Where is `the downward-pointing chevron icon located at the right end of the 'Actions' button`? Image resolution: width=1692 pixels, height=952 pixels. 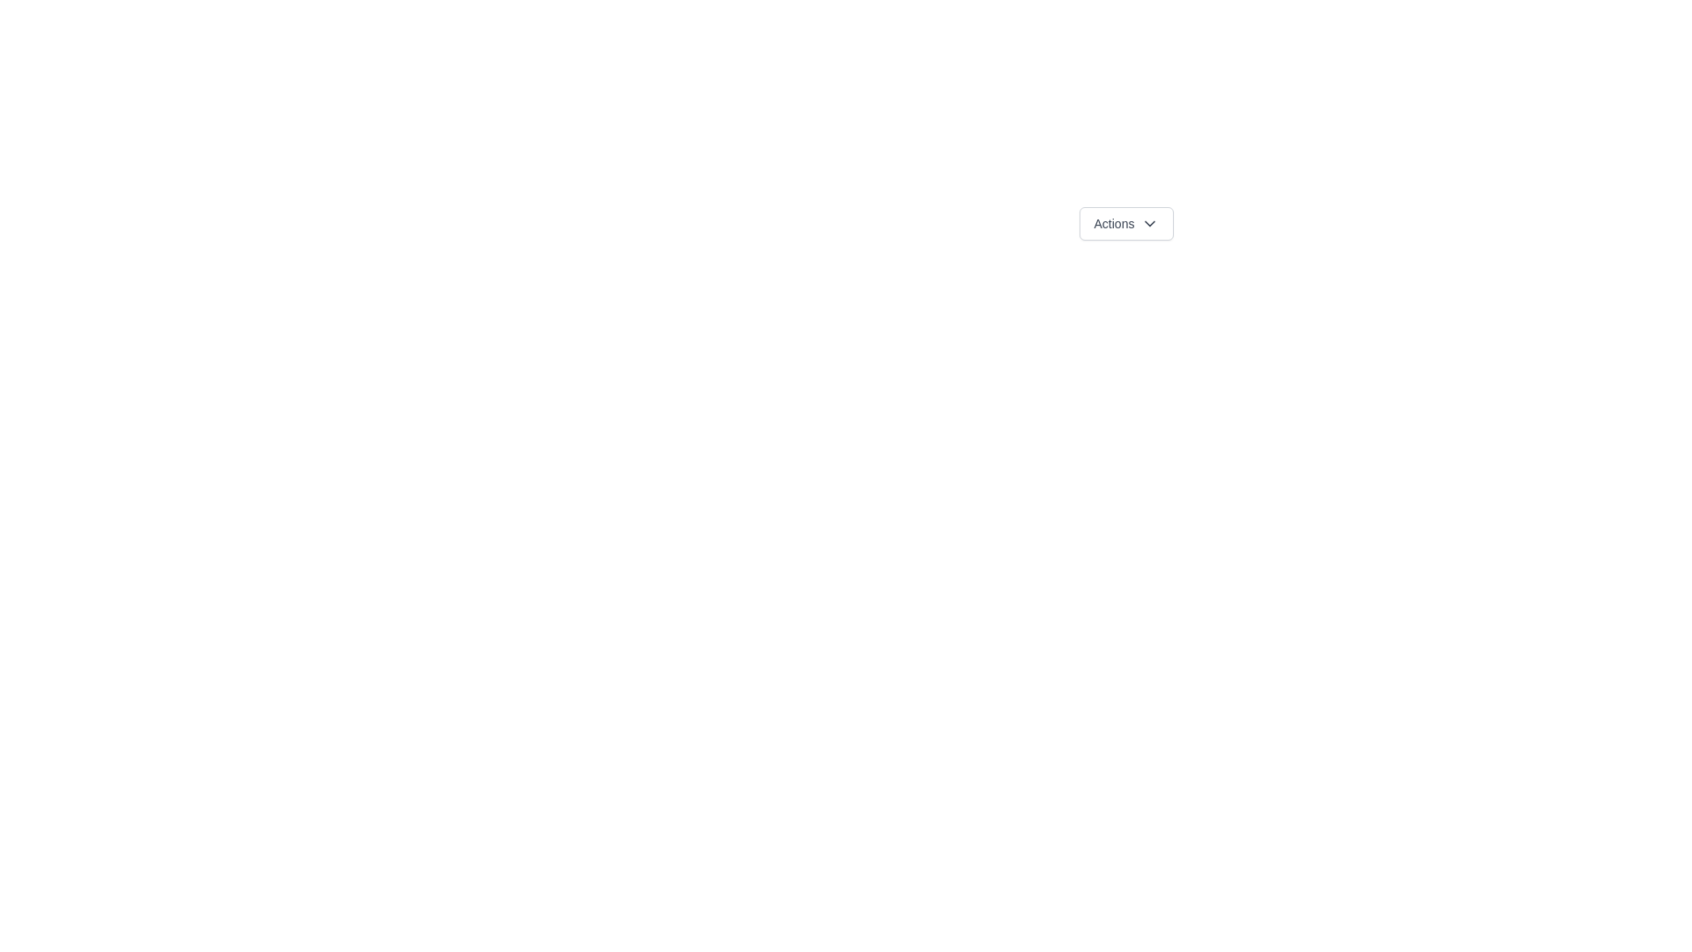 the downward-pointing chevron icon located at the right end of the 'Actions' button is located at coordinates (1150, 223).